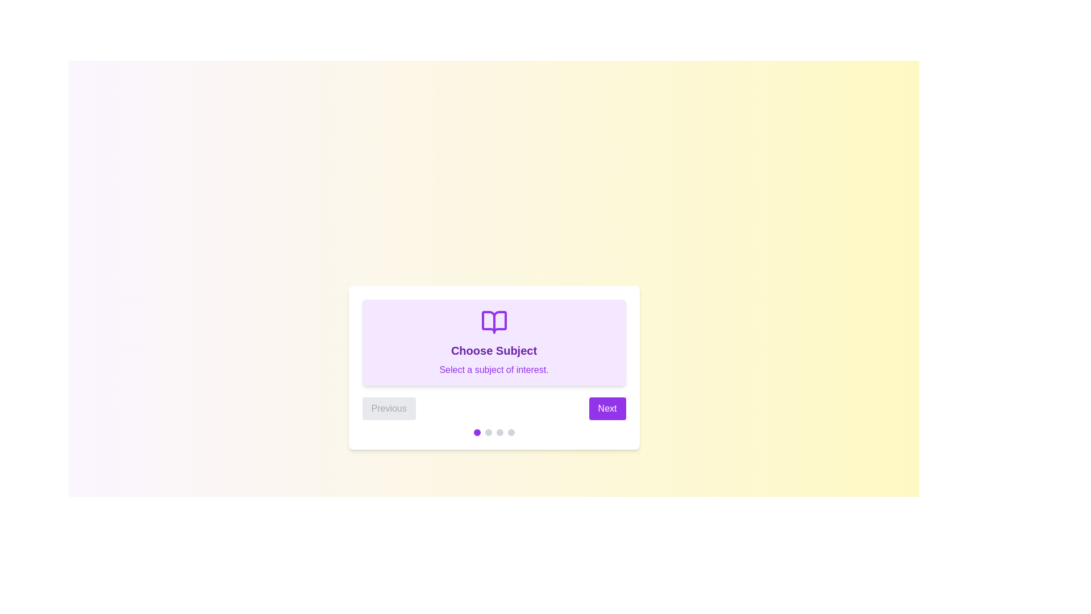 Image resolution: width=1091 pixels, height=614 pixels. I want to click on the 'Next' button to navigate to the next step, so click(607, 408).